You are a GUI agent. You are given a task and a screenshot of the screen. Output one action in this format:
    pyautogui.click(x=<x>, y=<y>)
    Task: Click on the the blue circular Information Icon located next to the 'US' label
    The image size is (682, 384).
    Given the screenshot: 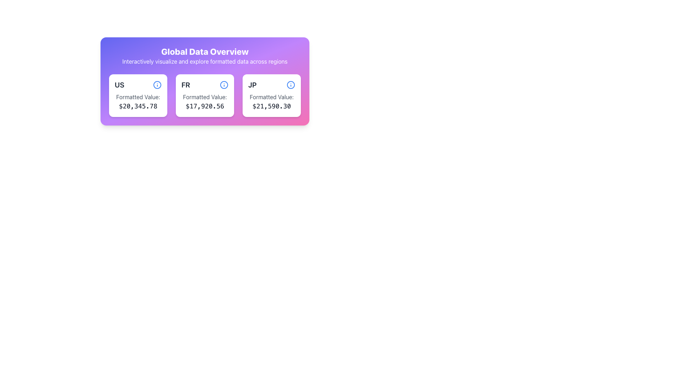 What is the action you would take?
    pyautogui.click(x=157, y=85)
    